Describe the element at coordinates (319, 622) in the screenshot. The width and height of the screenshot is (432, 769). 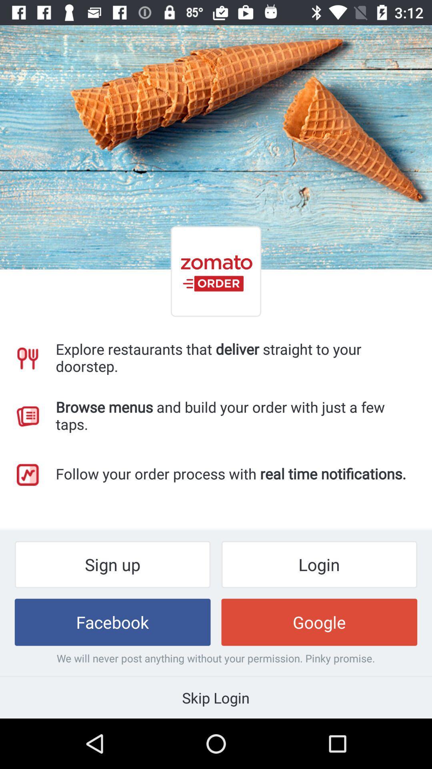
I see `the icon above we will never icon` at that location.